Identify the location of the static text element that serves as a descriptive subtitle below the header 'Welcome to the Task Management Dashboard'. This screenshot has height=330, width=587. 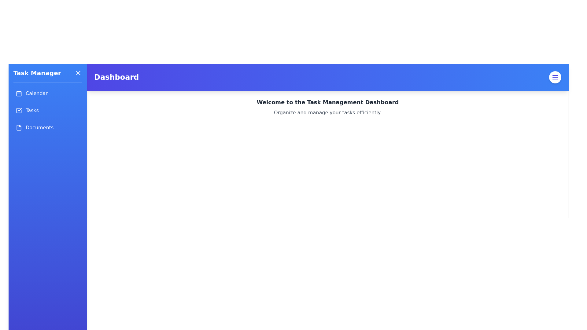
(327, 113).